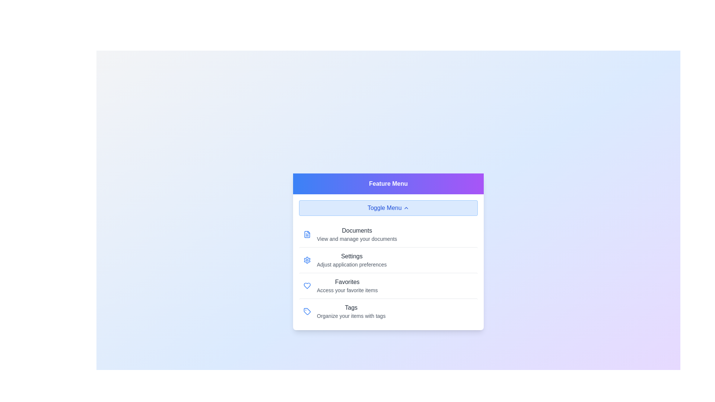 The height and width of the screenshot is (402, 715). I want to click on the 'Toggle Menu' button to toggle the menu visibility, so click(388, 208).